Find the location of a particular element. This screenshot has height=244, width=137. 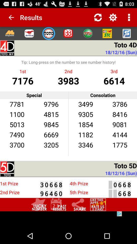

cash is located at coordinates (87, 33).